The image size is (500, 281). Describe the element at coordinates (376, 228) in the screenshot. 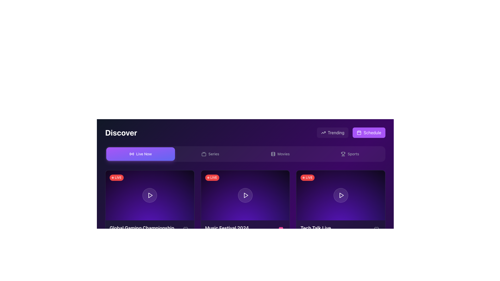

I see `the interactive button with a heart icon located in the bottom-right corner of the 'Tech Talk Live' card` at that location.